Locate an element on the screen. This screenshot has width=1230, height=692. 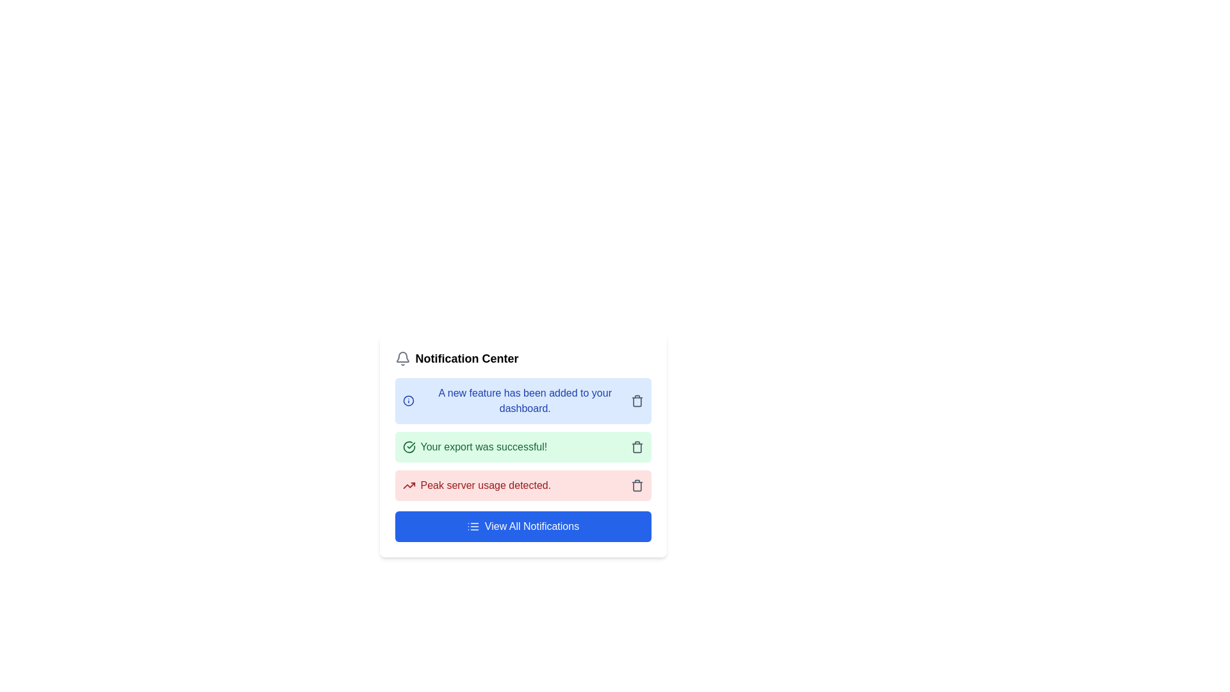
the visual representation of the icon located on the left side of the 'View All Notifications' button within the notification panel is located at coordinates (472, 526).